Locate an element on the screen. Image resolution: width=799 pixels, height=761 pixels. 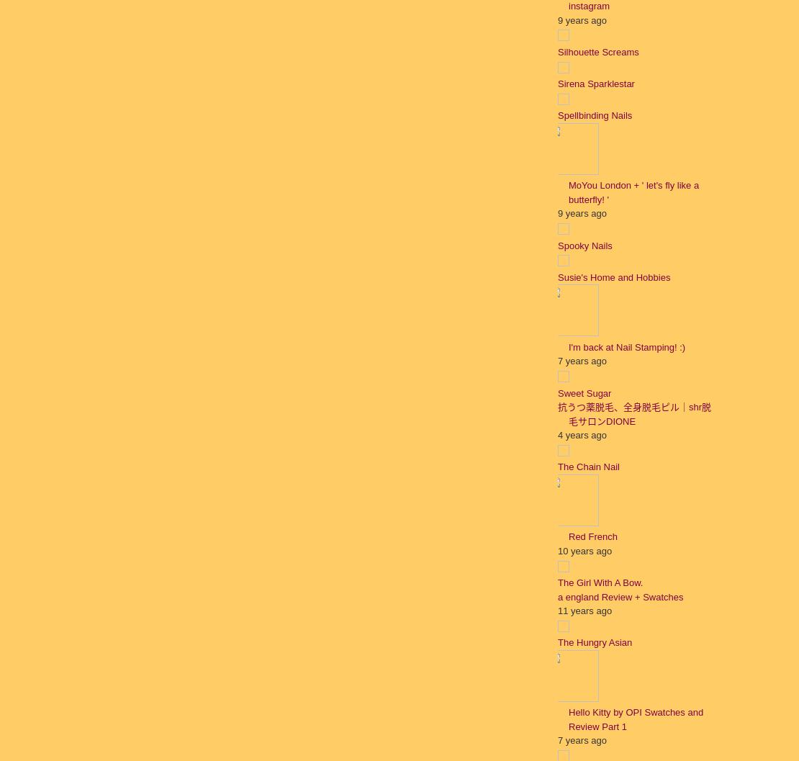
'a england Review + Swatches' is located at coordinates (620, 596).